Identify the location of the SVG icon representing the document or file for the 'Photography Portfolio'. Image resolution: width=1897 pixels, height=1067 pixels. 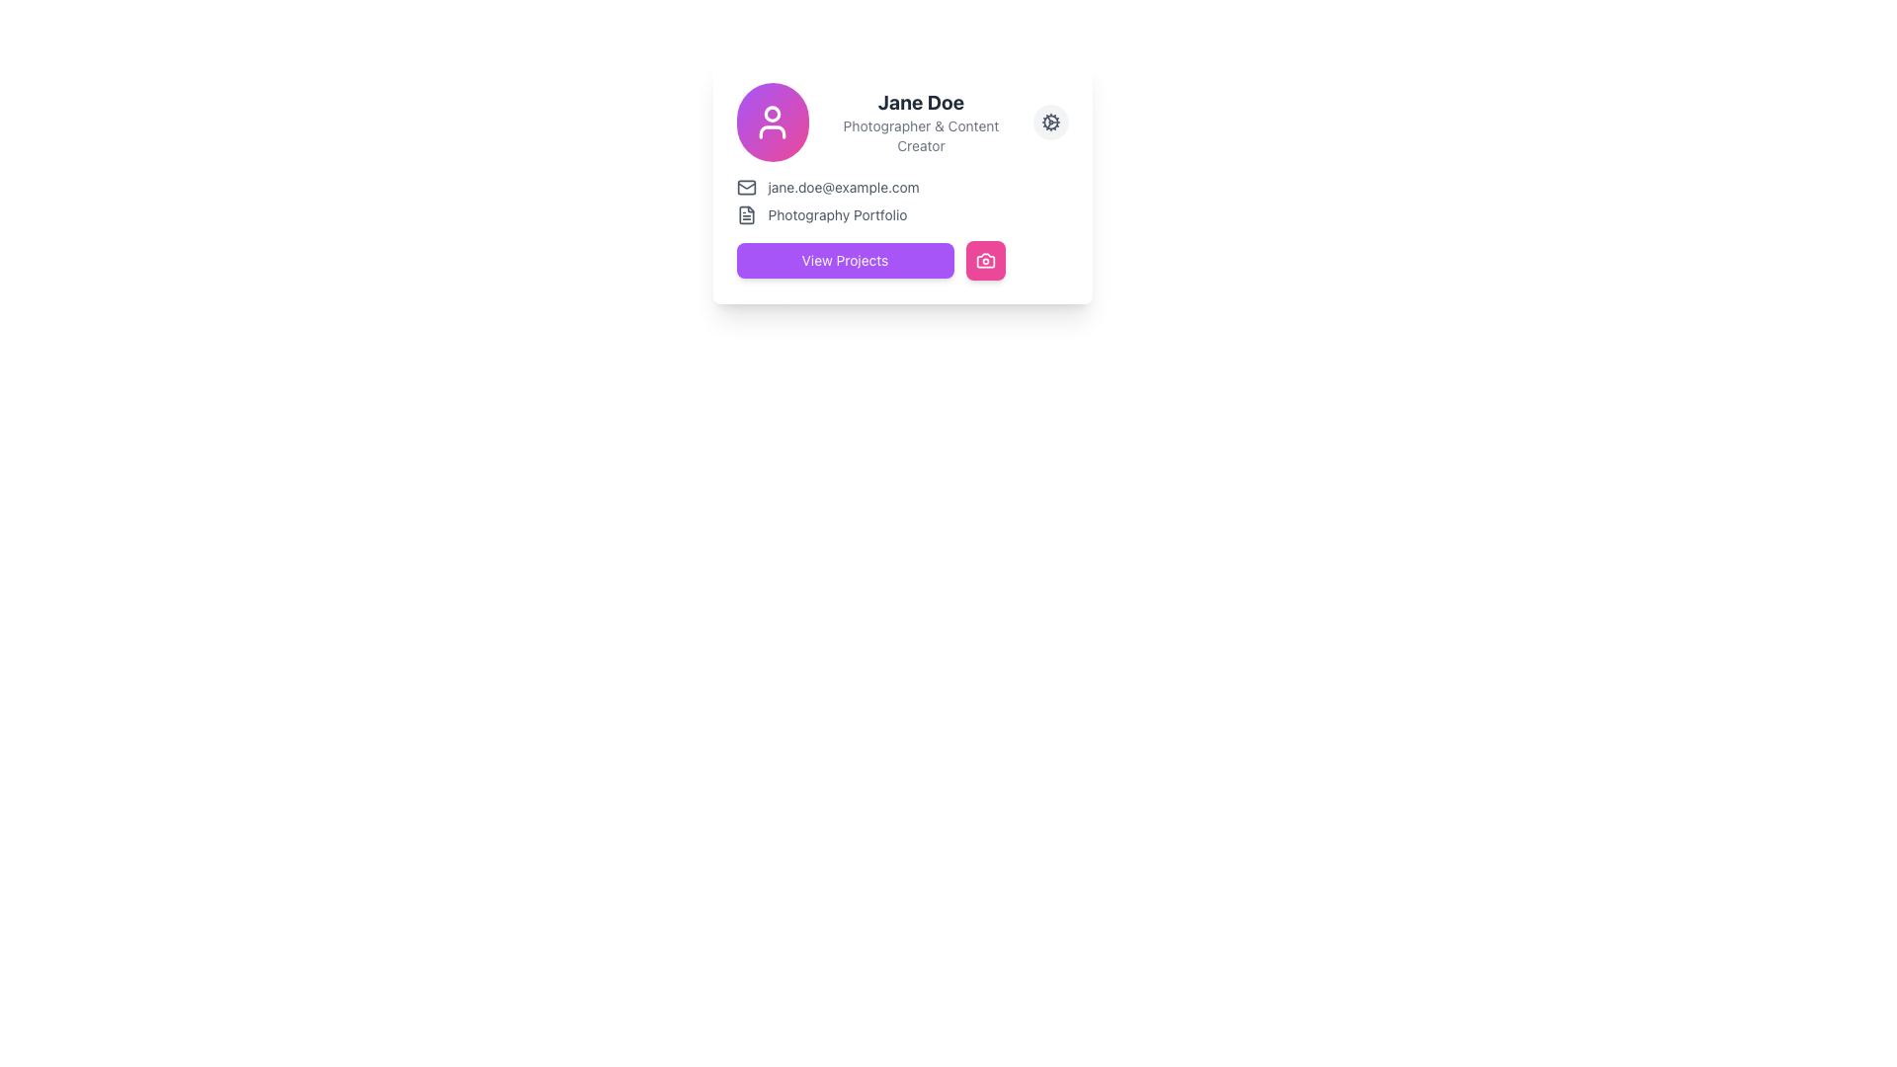
(745, 215).